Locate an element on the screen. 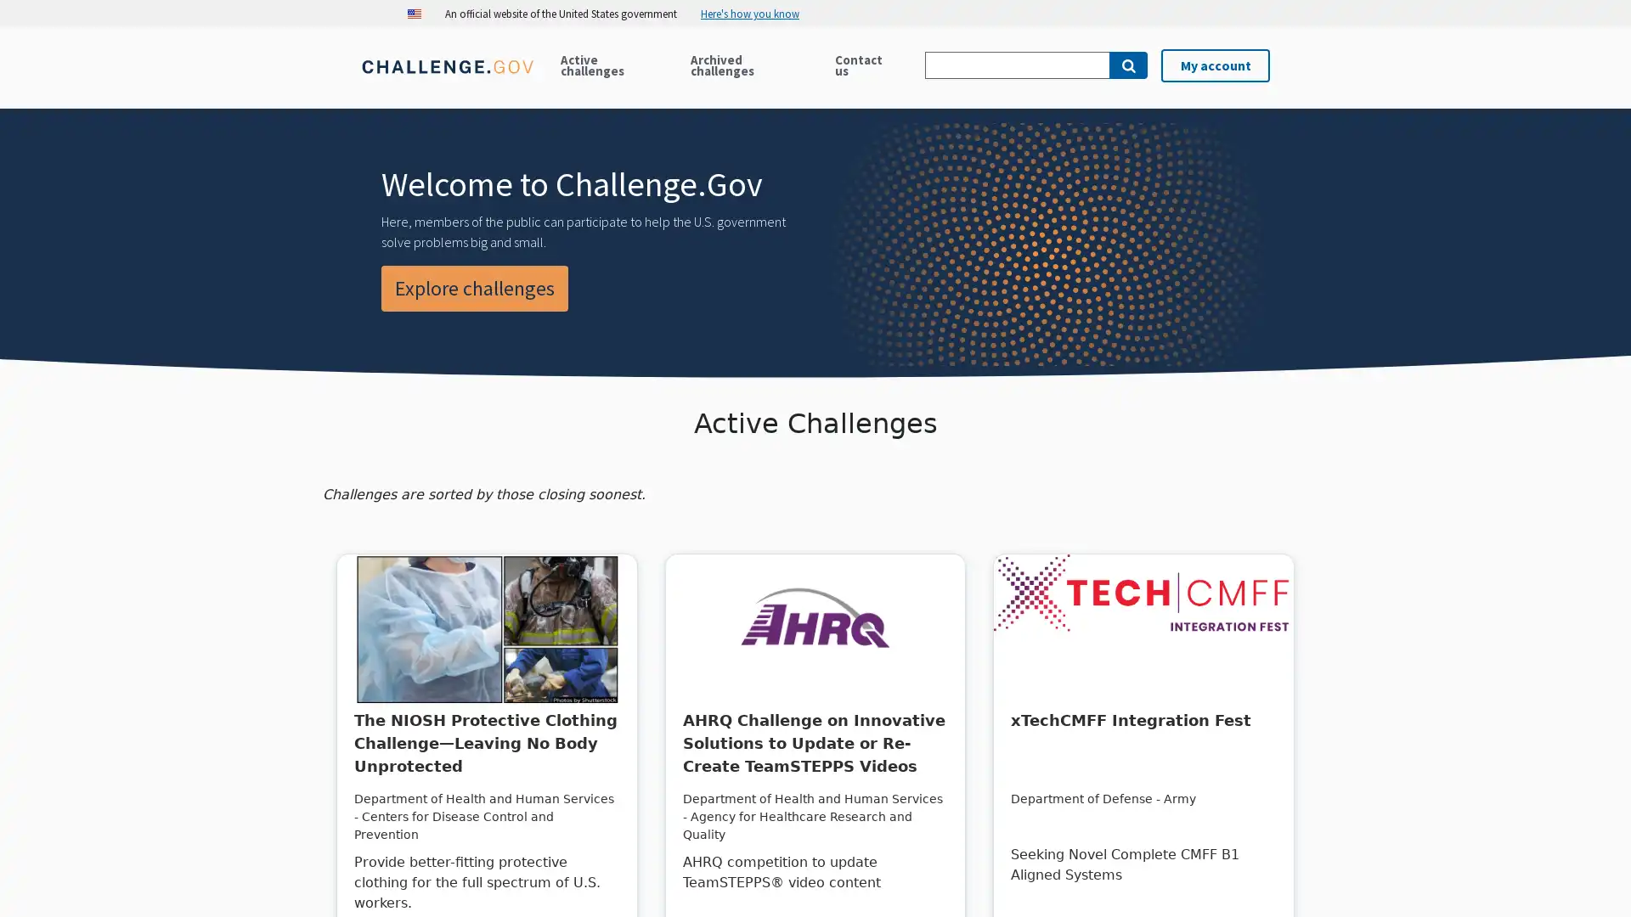 The height and width of the screenshot is (917, 1631). Search is located at coordinates (1128, 65).